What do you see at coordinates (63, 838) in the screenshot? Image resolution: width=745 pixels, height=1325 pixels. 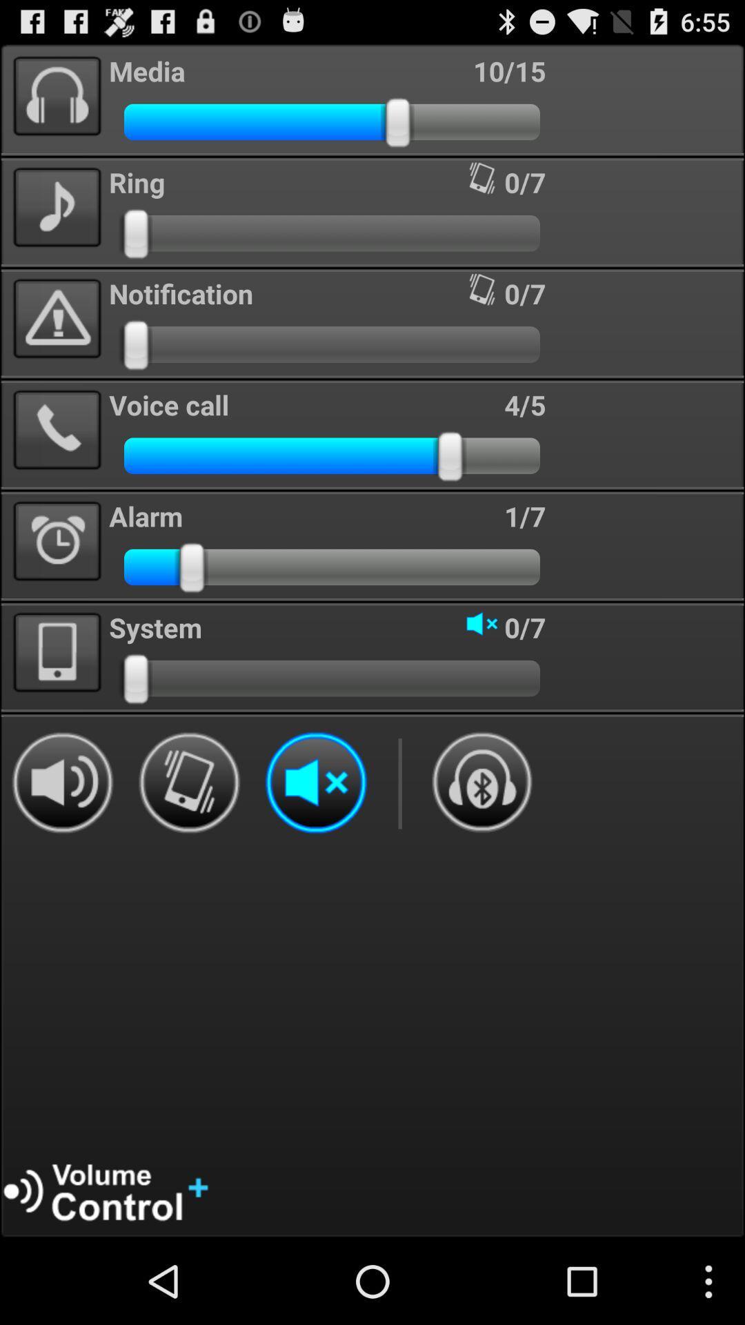 I see `the volume icon` at bounding box center [63, 838].